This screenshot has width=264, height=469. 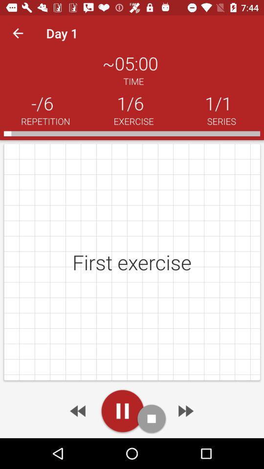 What do you see at coordinates (122, 410) in the screenshot?
I see `to pause or play the program` at bounding box center [122, 410].